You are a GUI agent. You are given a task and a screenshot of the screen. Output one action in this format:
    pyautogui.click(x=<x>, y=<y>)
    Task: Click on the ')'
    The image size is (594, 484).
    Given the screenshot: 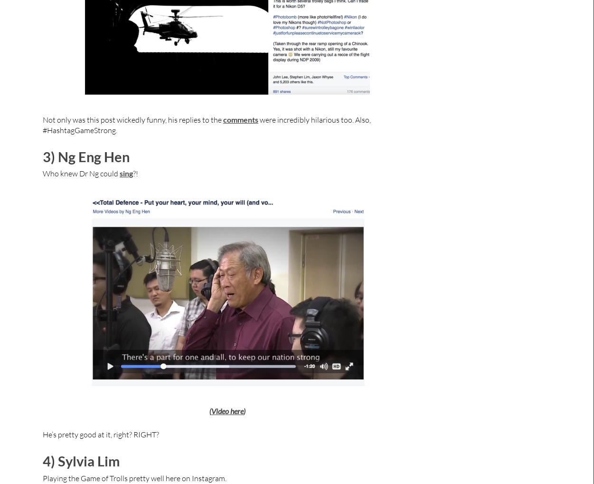 What is the action you would take?
    pyautogui.click(x=243, y=410)
    